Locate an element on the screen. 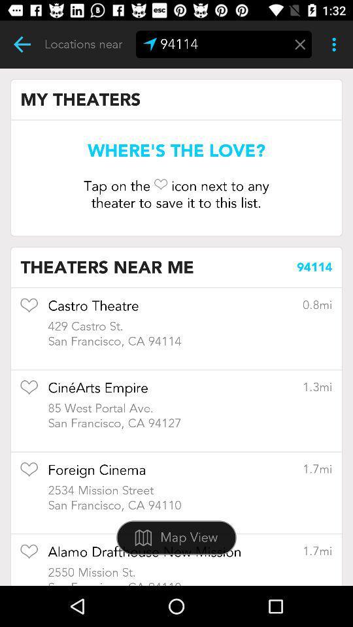 The height and width of the screenshot is (627, 353). love/ like is located at coordinates (29, 310).